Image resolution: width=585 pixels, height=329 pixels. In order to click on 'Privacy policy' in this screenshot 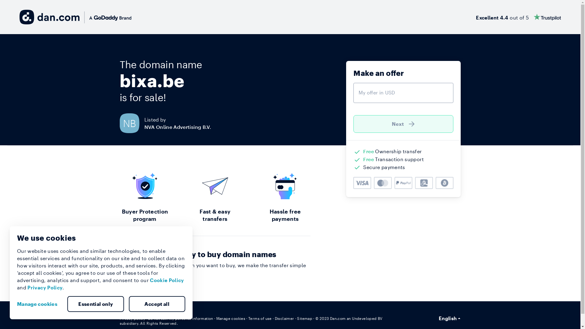, I will do `click(132, 318)`.